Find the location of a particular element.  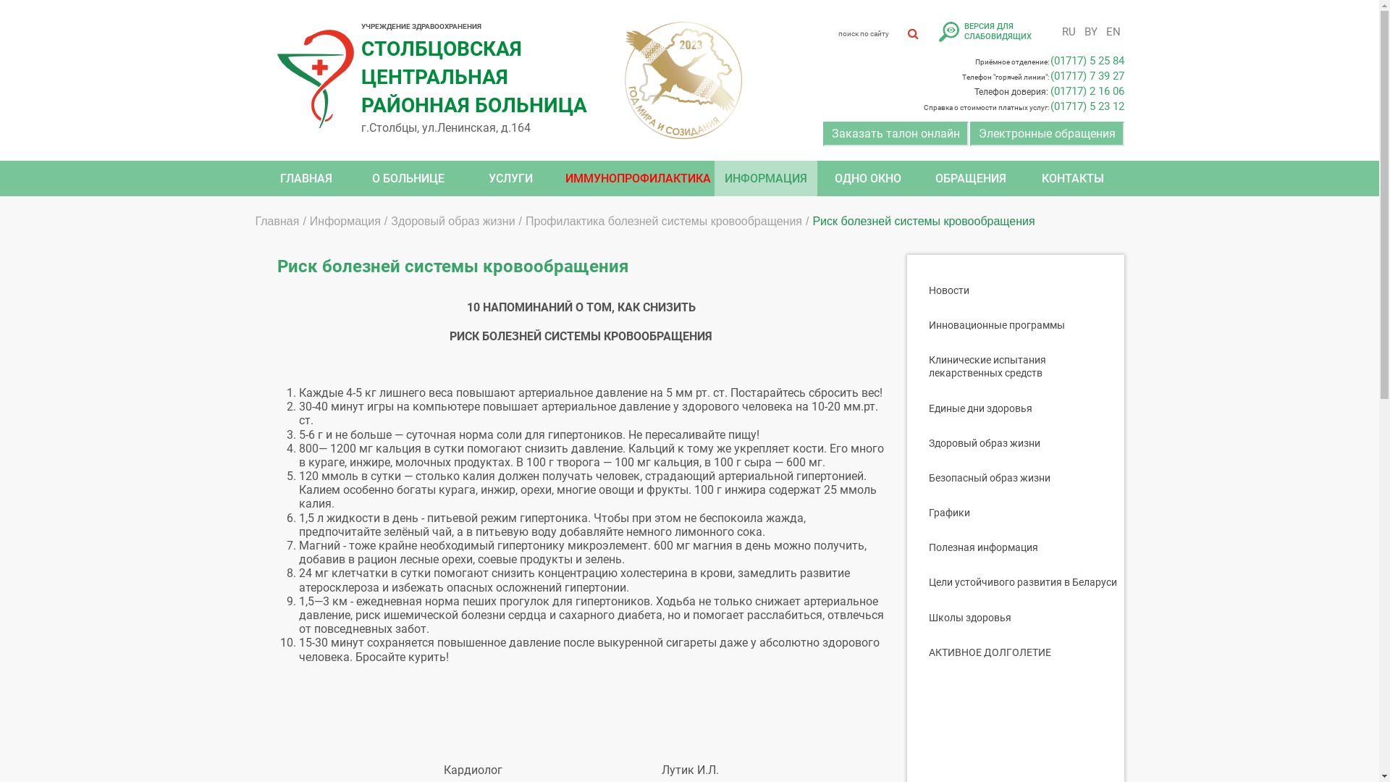

'BY' is located at coordinates (1090, 31).